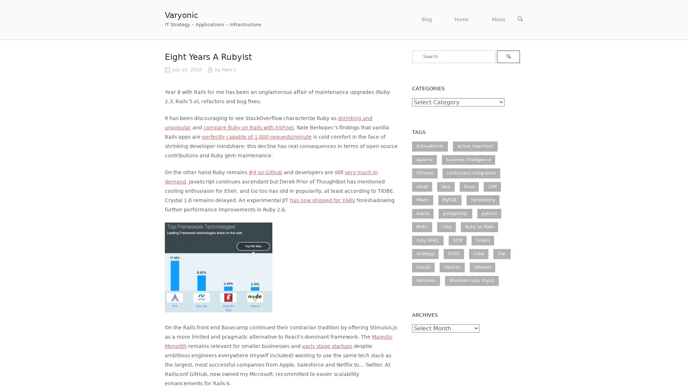 This screenshot has height=387, width=688. Describe the element at coordinates (520, 19) in the screenshot. I see `OPEN SEARCH BAR` at that location.